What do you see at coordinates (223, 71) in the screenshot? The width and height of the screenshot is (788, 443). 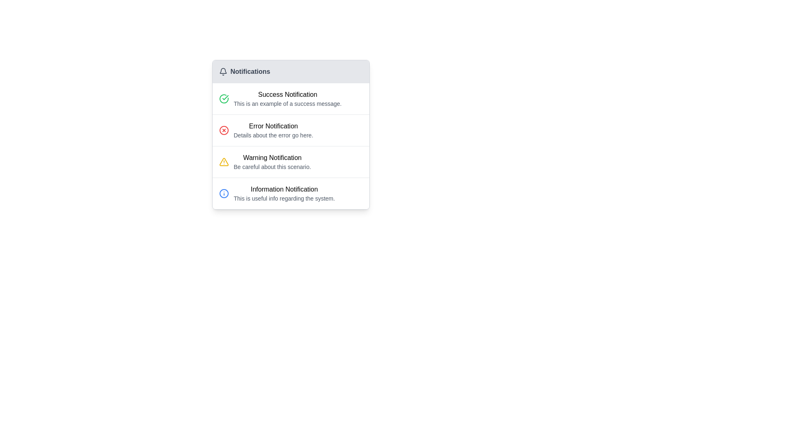 I see `the bell-shaped icon in light gray located next to the bold gray text 'Notifications' in the header area to interact with it` at bounding box center [223, 71].